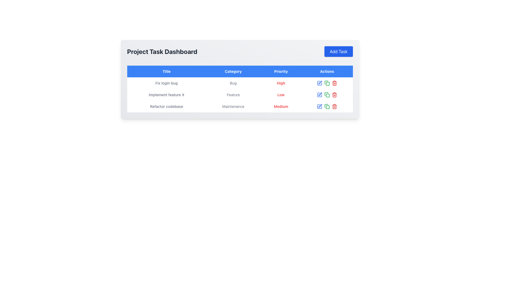  What do you see at coordinates (319, 95) in the screenshot?
I see `the edit icon button located in the 'Actions' column of the second row in the table` at bounding box center [319, 95].